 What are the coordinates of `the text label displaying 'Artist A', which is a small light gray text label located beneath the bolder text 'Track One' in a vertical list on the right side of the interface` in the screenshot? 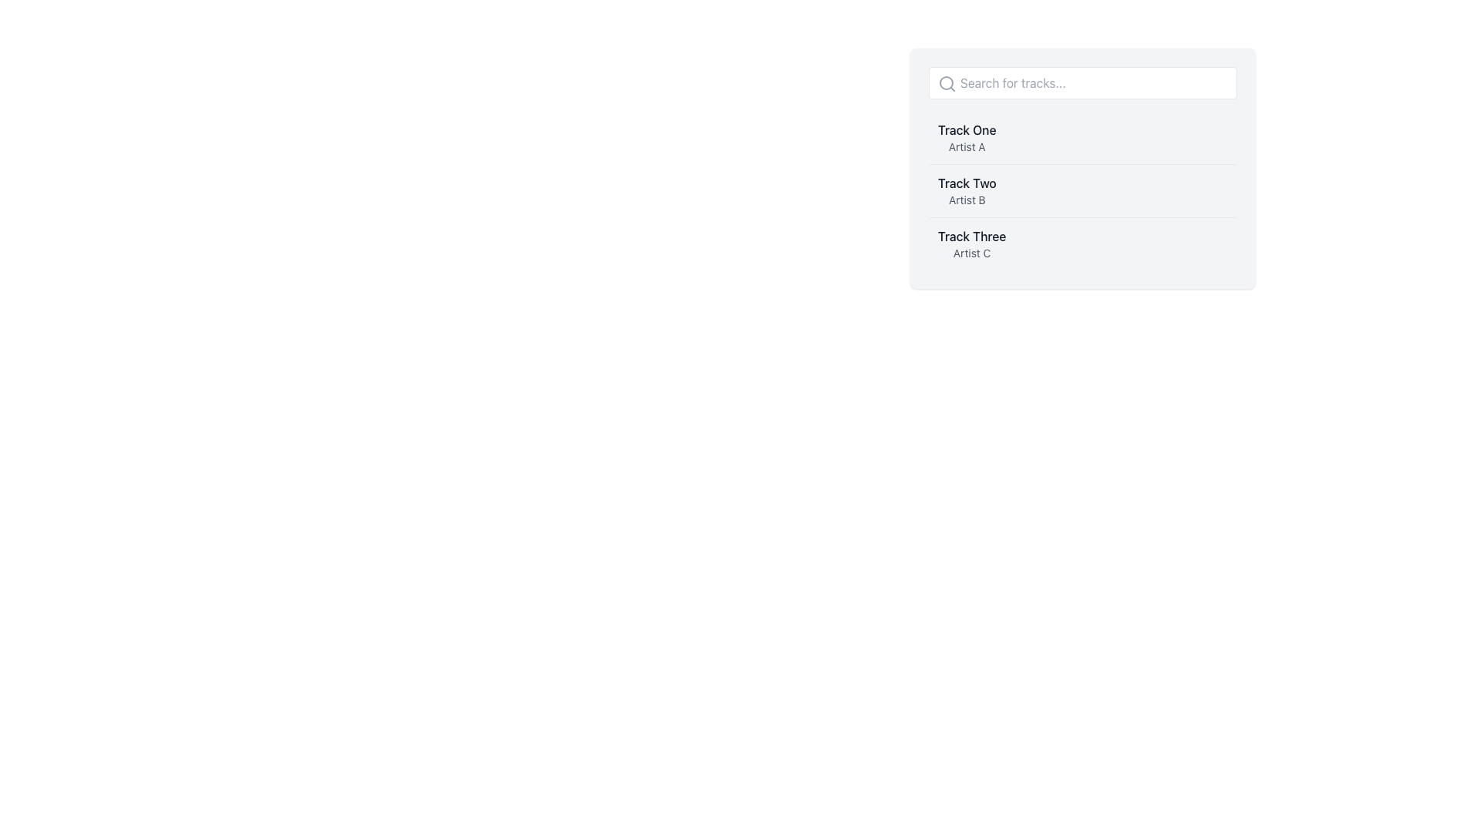 It's located at (966, 147).